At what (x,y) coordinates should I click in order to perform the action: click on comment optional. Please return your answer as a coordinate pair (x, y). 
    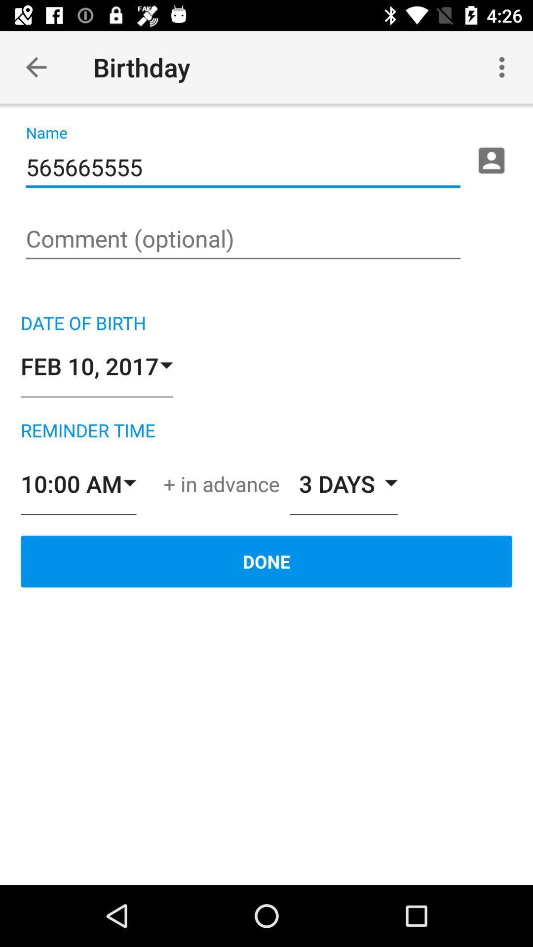
    Looking at the image, I should click on (243, 240).